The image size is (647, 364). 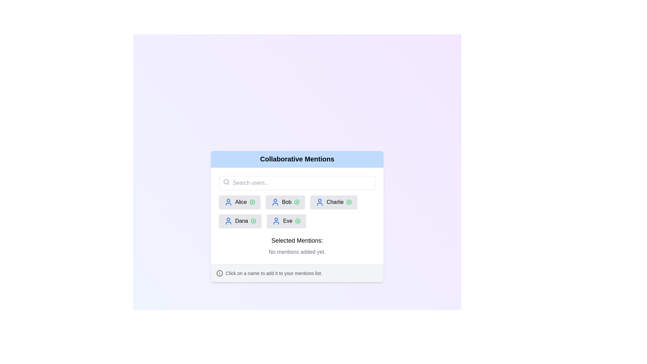 I want to click on the informational text label indicating that no mentions have been added to the list yet, located under the heading 'Selected Mentions:' in the 'Collaborative Mentions' widget, so click(x=297, y=252).